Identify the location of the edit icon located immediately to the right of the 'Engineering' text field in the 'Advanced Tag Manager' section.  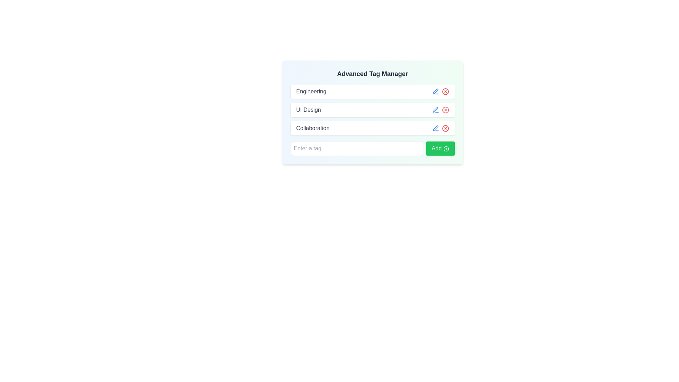
(435, 91).